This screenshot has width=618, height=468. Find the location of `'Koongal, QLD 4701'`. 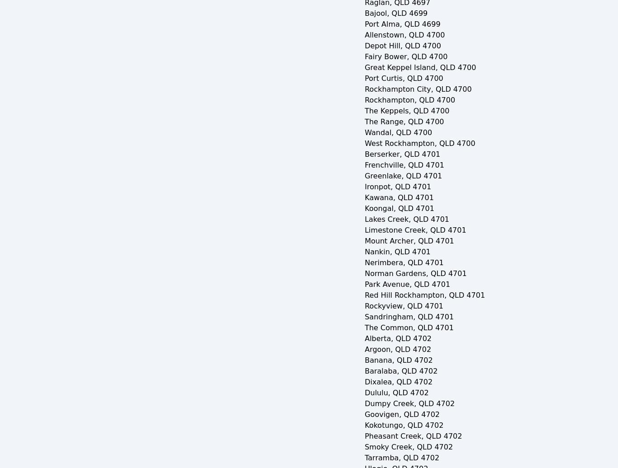

'Koongal, QLD 4701' is located at coordinates (364, 208).